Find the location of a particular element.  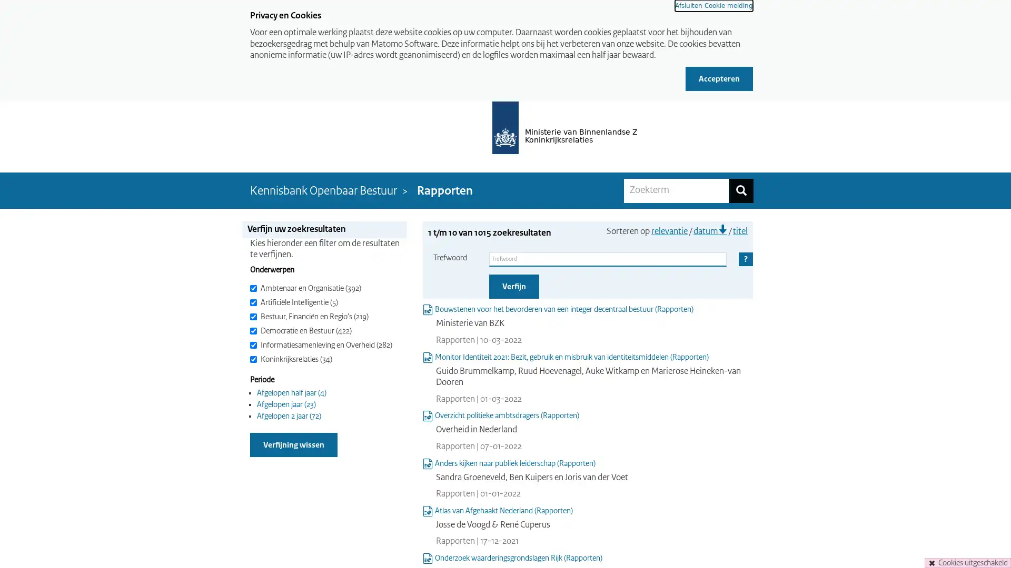

Accepteren is located at coordinates (719, 78).